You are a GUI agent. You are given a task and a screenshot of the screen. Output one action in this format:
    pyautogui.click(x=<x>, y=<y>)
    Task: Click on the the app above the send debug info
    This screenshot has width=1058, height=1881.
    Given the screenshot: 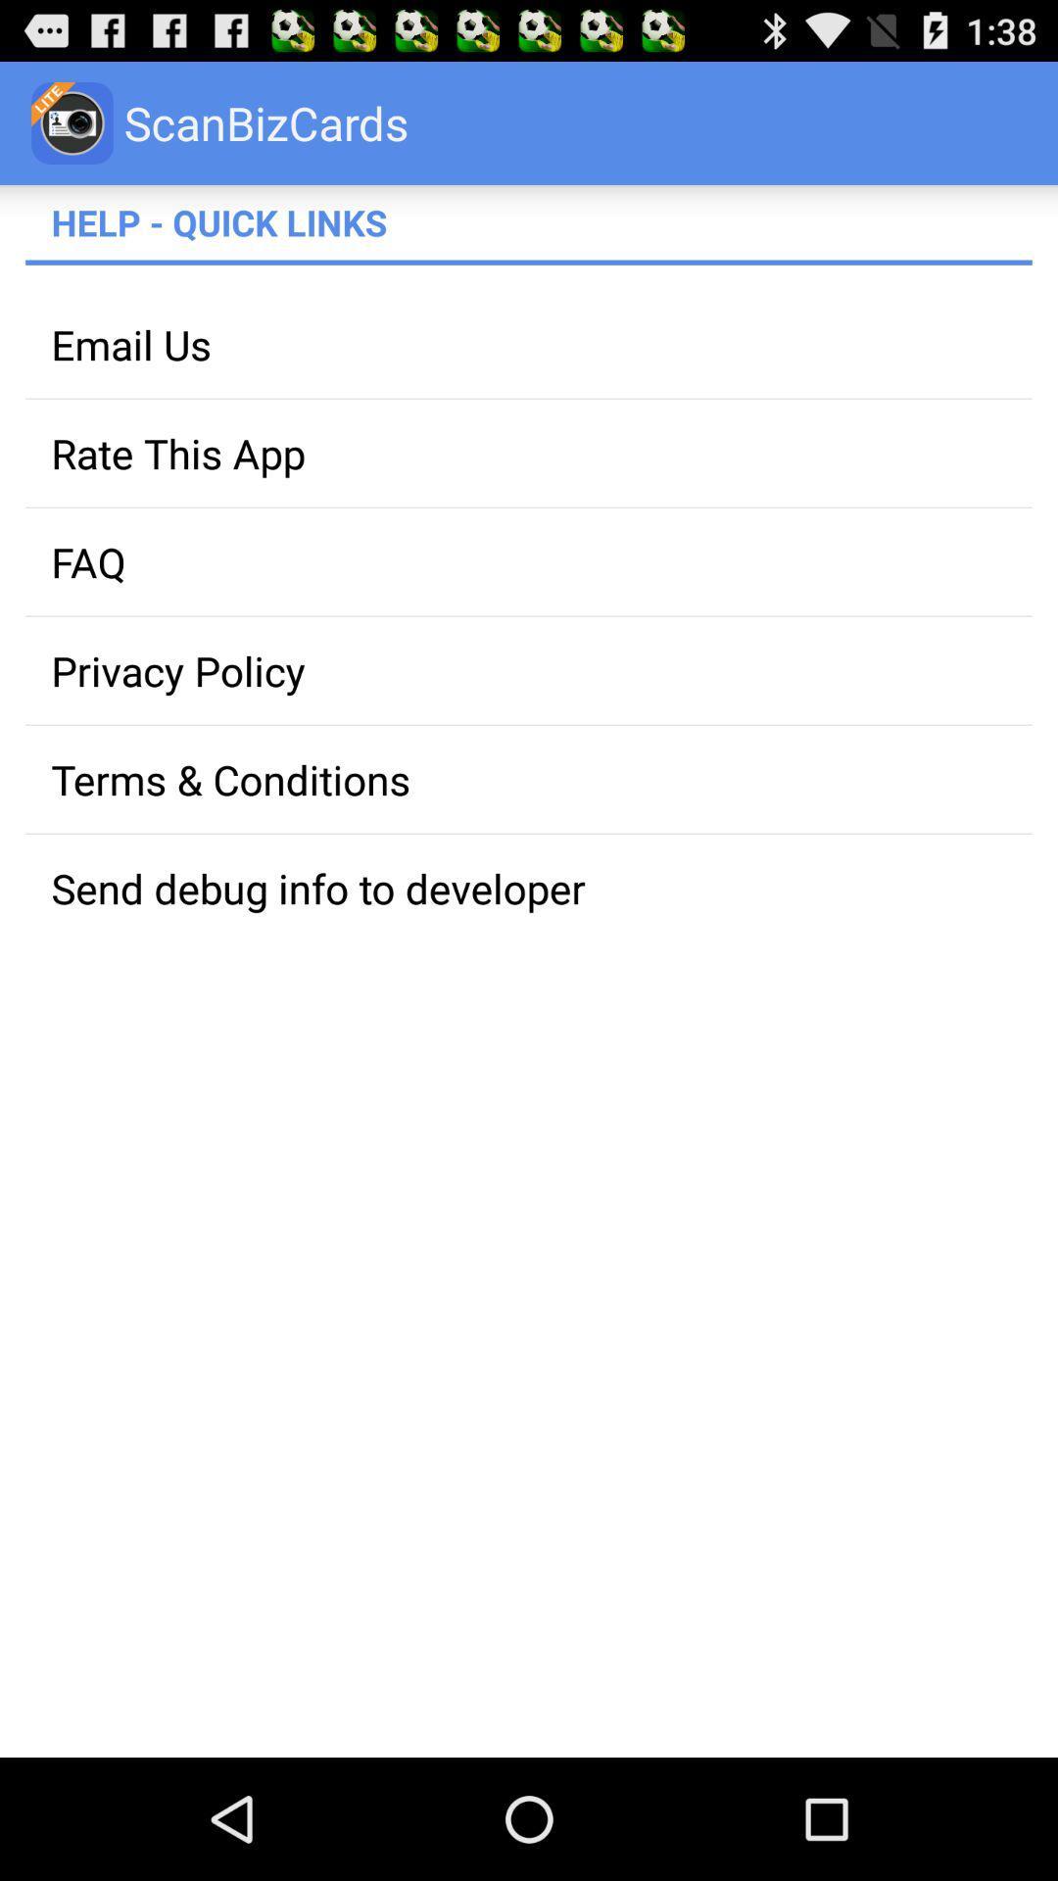 What is the action you would take?
    pyautogui.click(x=529, y=778)
    